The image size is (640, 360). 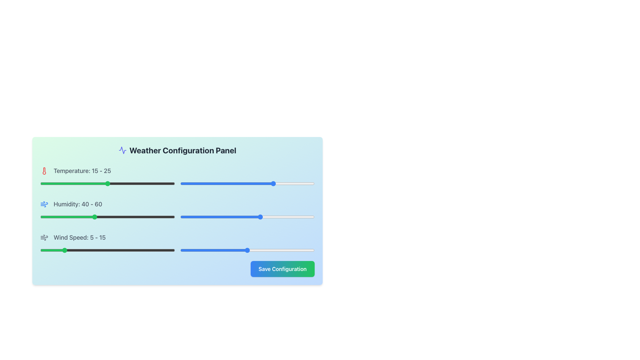 What do you see at coordinates (161, 250) in the screenshot?
I see `the start value of the wind speed range` at bounding box center [161, 250].